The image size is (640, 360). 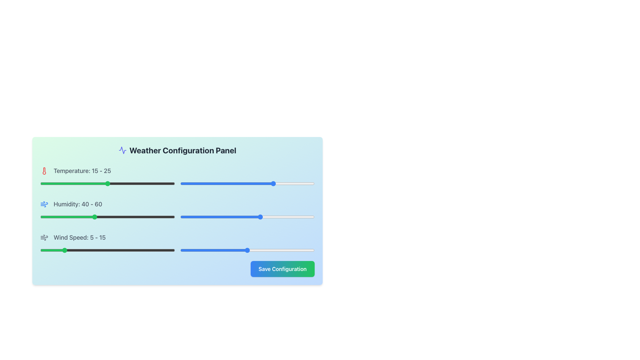 What do you see at coordinates (161, 250) in the screenshot?
I see `the start value of the wind speed range` at bounding box center [161, 250].